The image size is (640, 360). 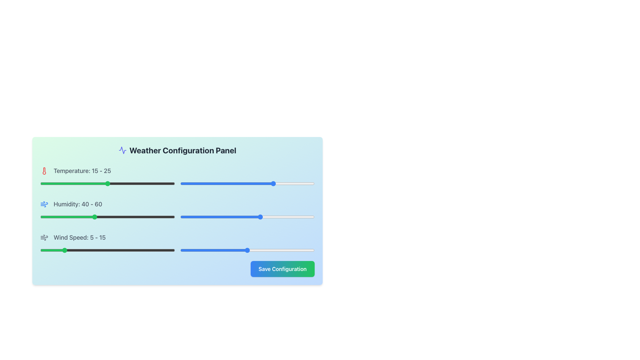 What do you see at coordinates (161, 250) in the screenshot?
I see `the start value of the wind speed range` at bounding box center [161, 250].